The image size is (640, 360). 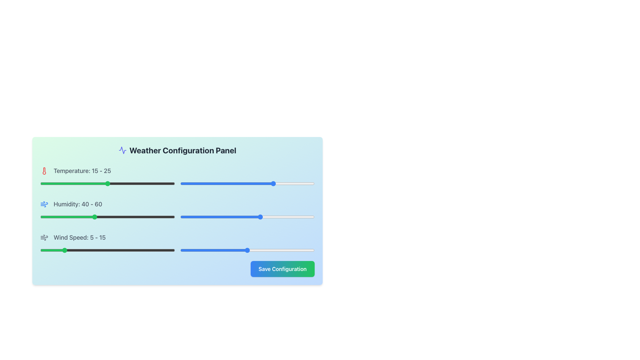 What do you see at coordinates (161, 250) in the screenshot?
I see `the start value of the wind speed range` at bounding box center [161, 250].